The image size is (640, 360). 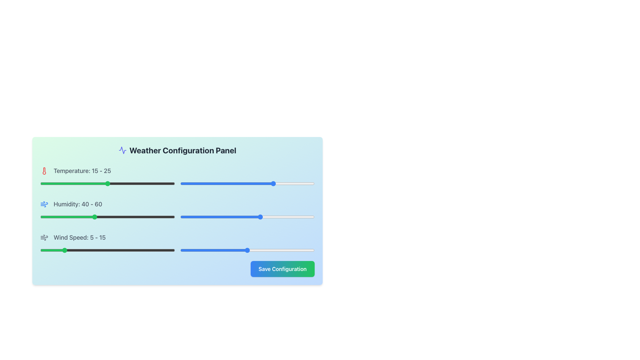 What do you see at coordinates (161, 250) in the screenshot?
I see `the start value of the wind speed range` at bounding box center [161, 250].